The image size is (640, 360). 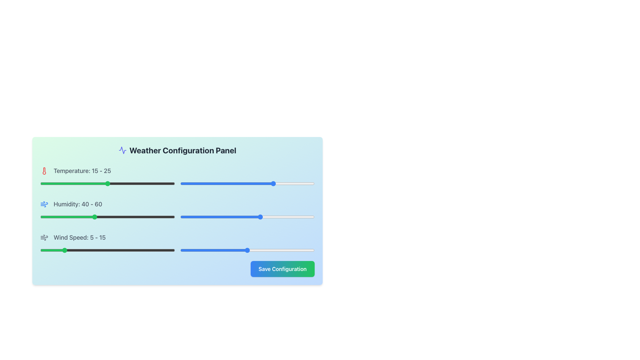 What do you see at coordinates (161, 250) in the screenshot?
I see `the start value of the wind speed range` at bounding box center [161, 250].